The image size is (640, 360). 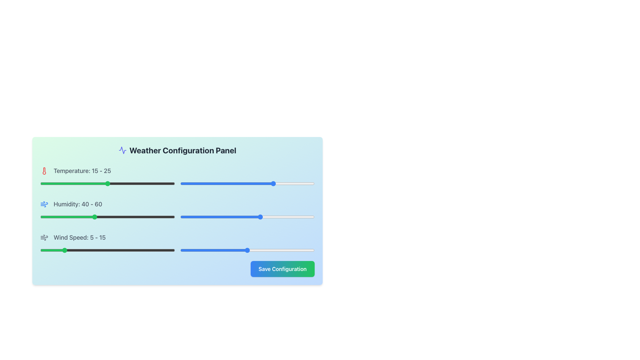 What do you see at coordinates (161, 250) in the screenshot?
I see `the start value of the wind speed range` at bounding box center [161, 250].